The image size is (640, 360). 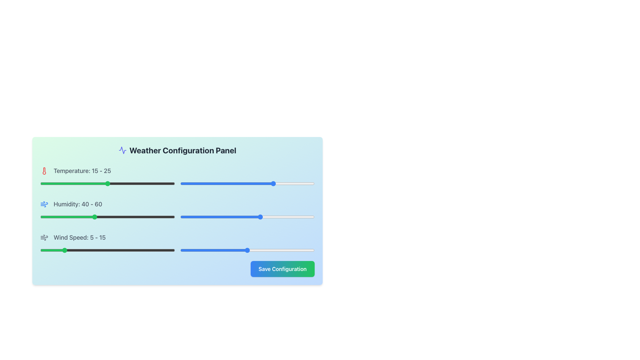 What do you see at coordinates (161, 250) in the screenshot?
I see `the start value of the wind speed range` at bounding box center [161, 250].